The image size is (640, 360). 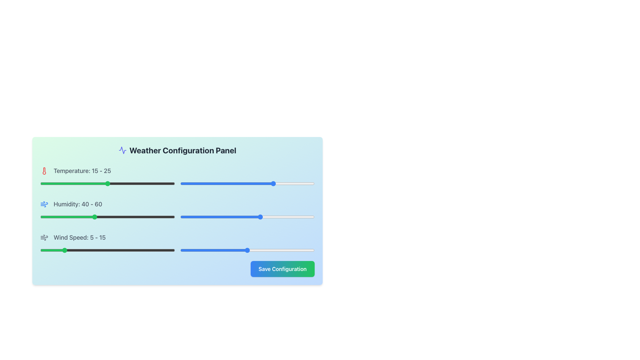 What do you see at coordinates (161, 250) in the screenshot?
I see `the start value of the wind speed range` at bounding box center [161, 250].